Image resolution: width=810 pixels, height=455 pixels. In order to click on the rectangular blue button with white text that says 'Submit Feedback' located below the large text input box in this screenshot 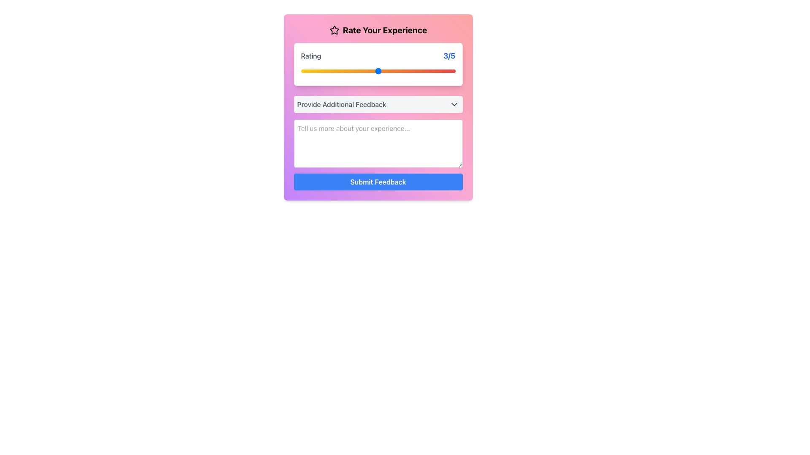, I will do `click(378, 182)`.